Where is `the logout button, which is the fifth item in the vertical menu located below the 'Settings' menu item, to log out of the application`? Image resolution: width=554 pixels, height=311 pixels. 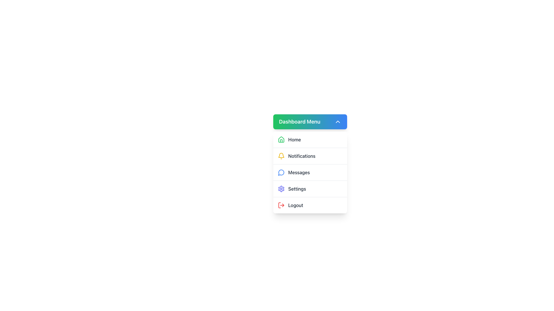 the logout button, which is the fifth item in the vertical menu located below the 'Settings' menu item, to log out of the application is located at coordinates (310, 205).